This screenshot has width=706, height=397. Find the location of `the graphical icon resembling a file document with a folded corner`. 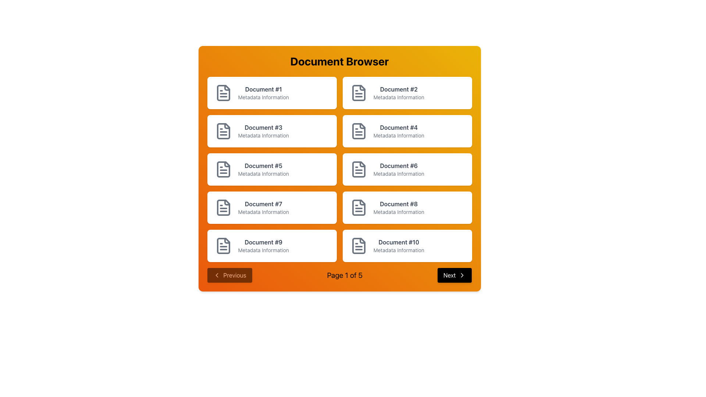

the graphical icon resembling a file document with a folded corner is located at coordinates (223, 246).